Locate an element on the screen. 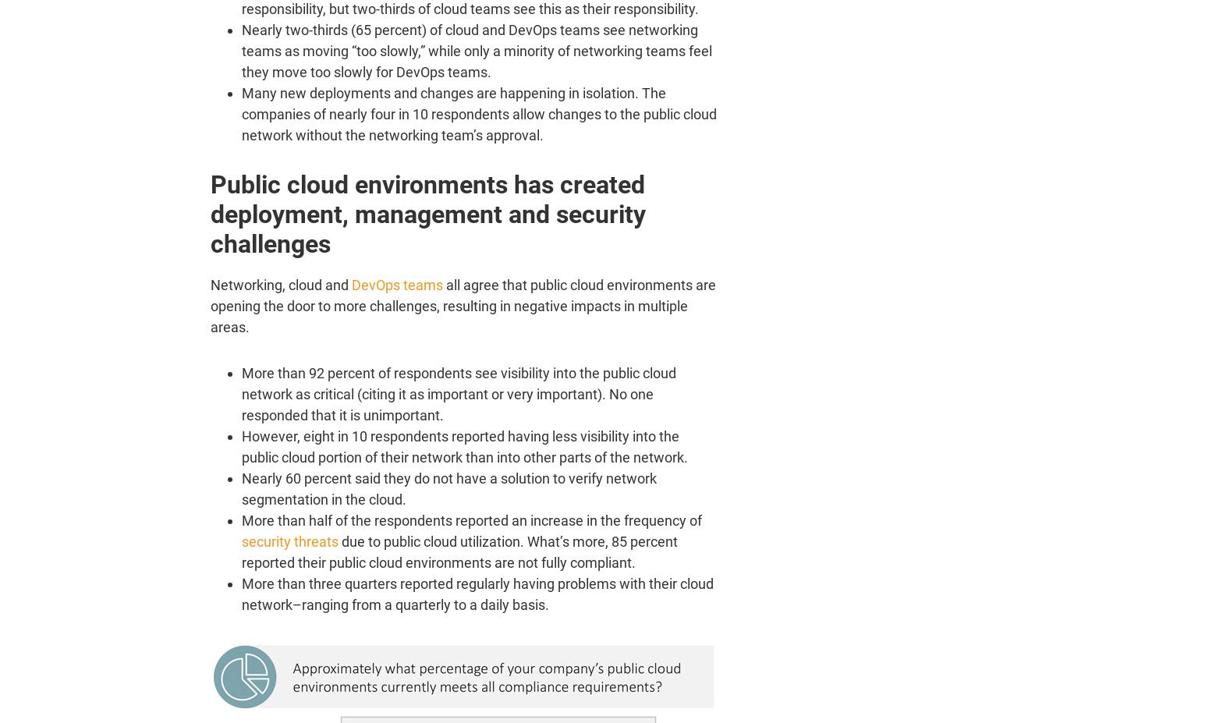 The width and height of the screenshot is (1209, 723). 'However, eight in 10 respondents reported having less visibility into the public cloud portion of their network than into other parts of the network.' is located at coordinates (464, 446).